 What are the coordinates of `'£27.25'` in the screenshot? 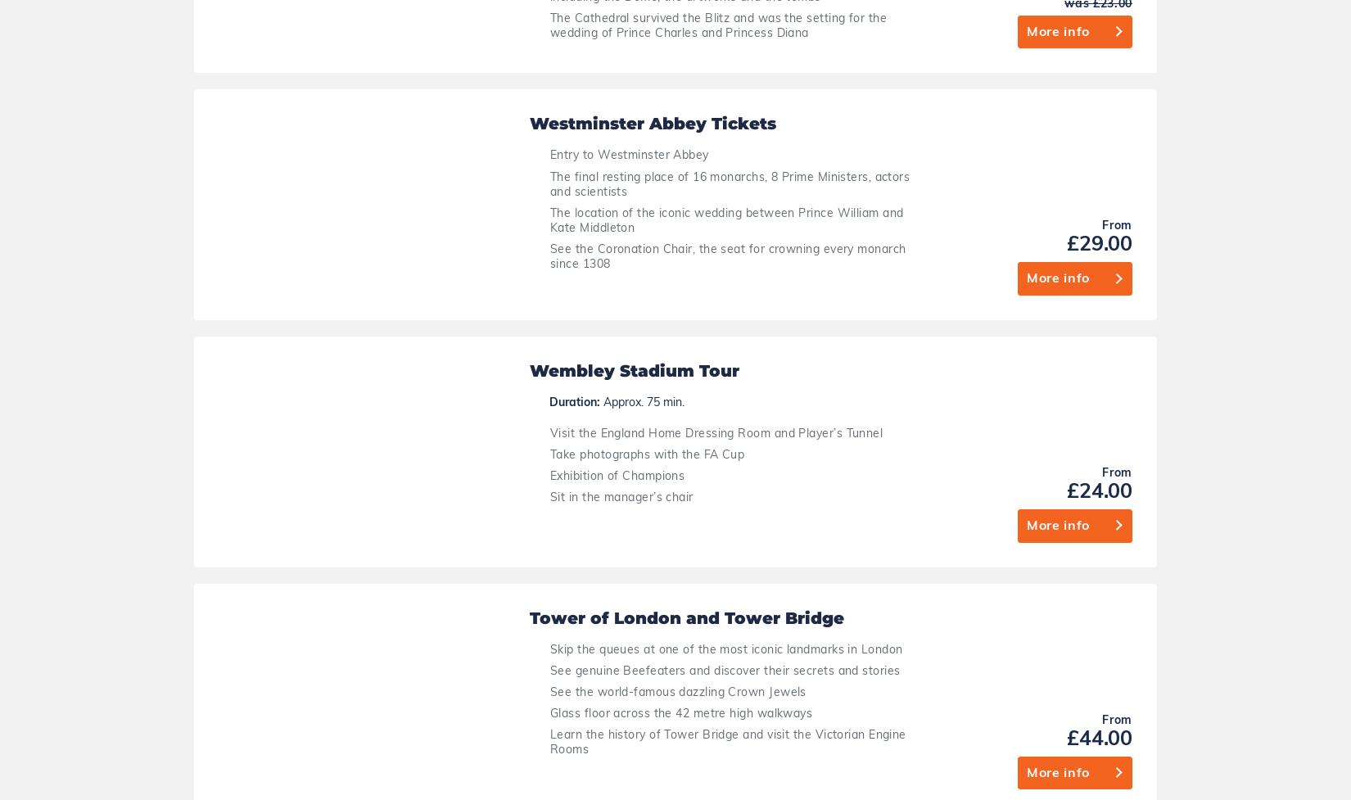 It's located at (1251, 690).